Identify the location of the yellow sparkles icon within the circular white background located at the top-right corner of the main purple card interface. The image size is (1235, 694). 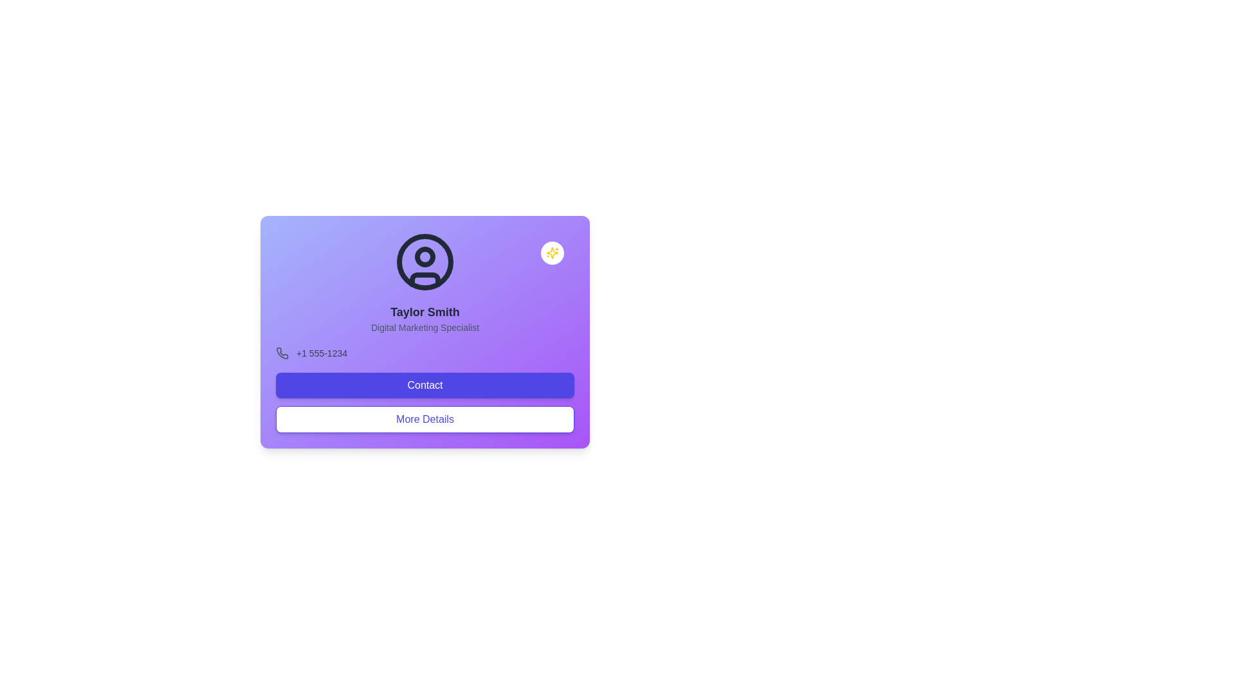
(553, 253).